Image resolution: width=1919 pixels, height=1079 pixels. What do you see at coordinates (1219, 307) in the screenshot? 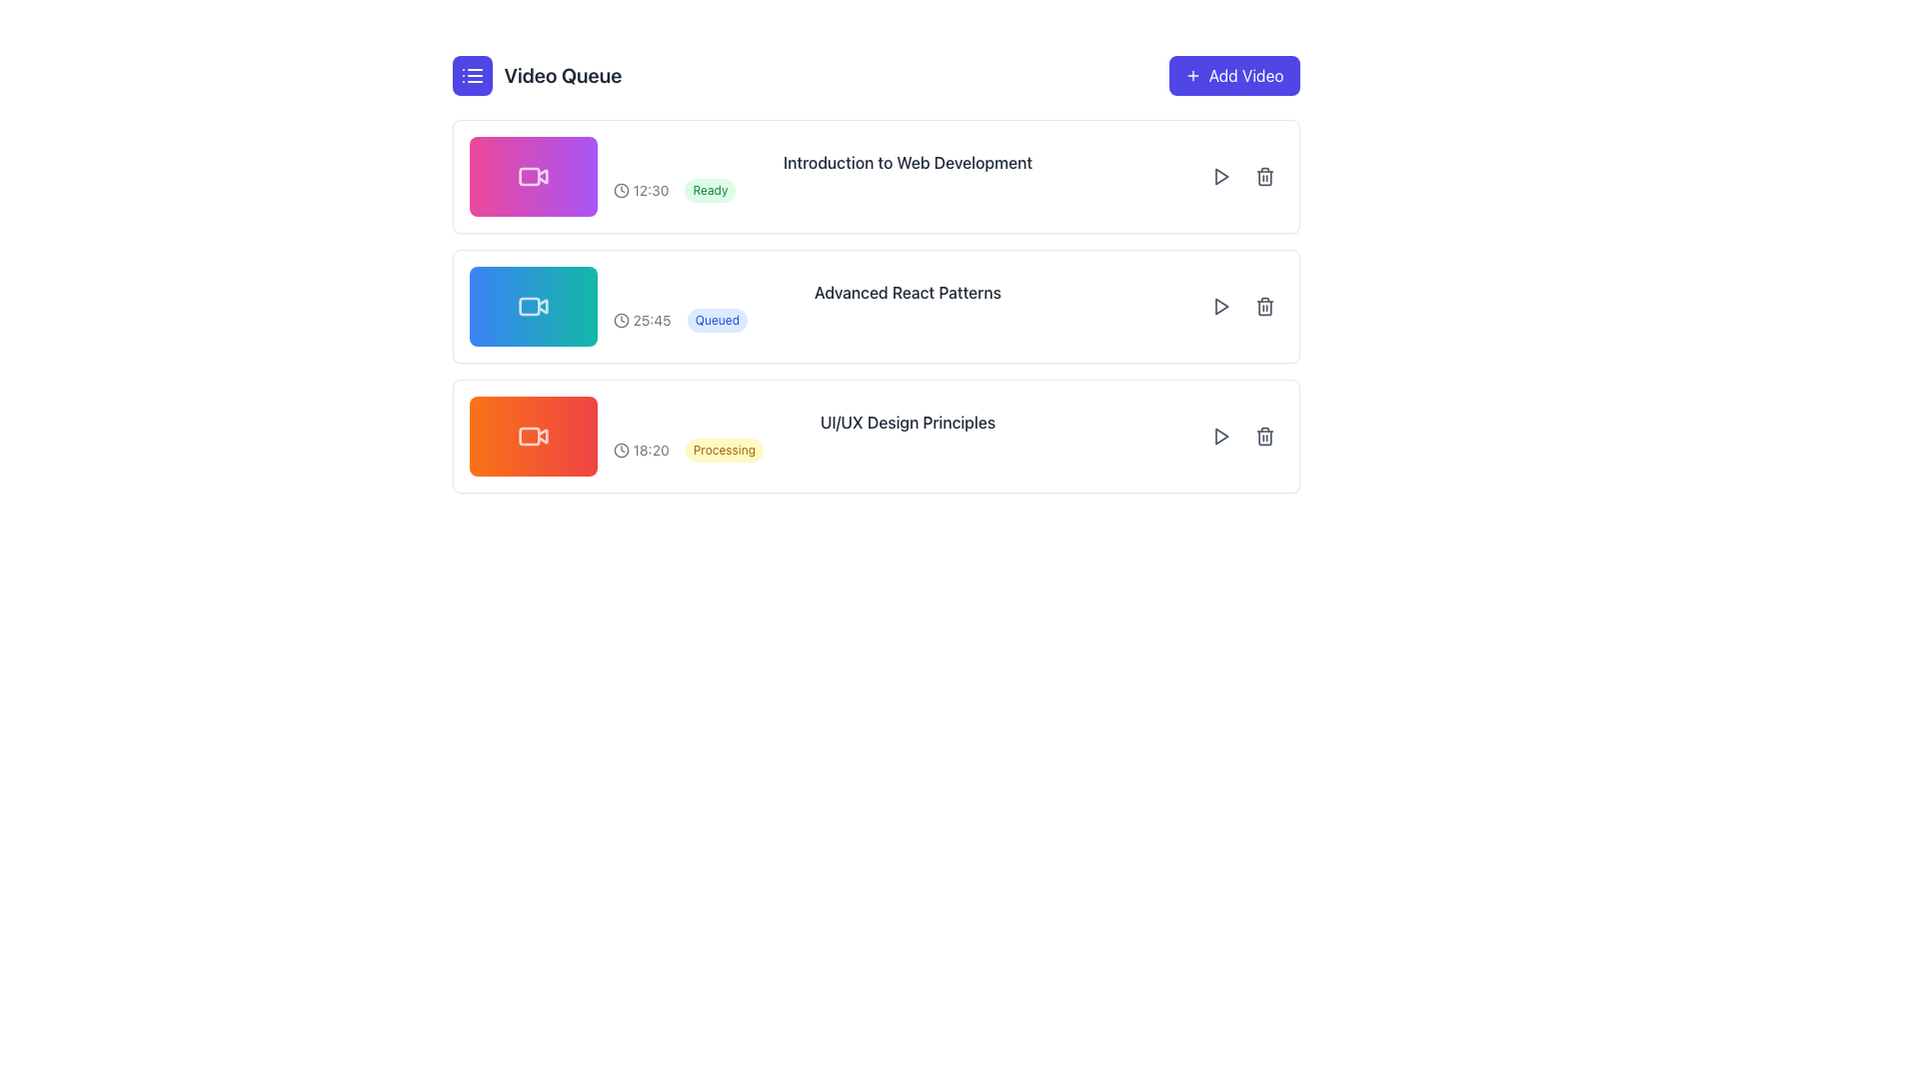
I see `the play button in the action column of the 'Advanced React Patterns' row to observe a color change` at bounding box center [1219, 307].